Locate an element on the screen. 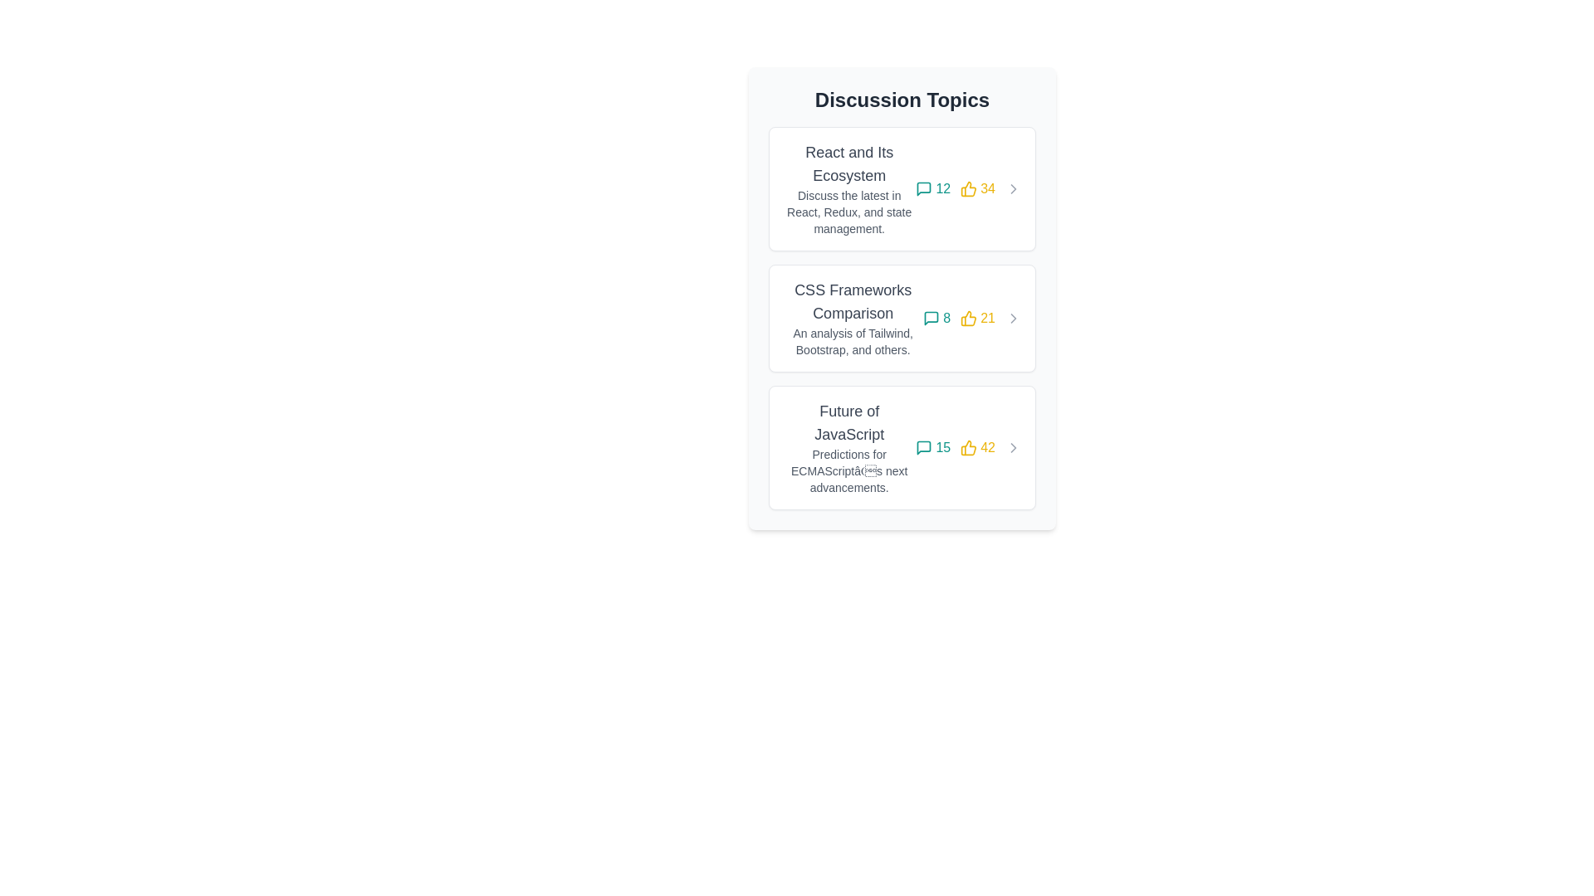 Image resolution: width=1594 pixels, height=896 pixels. the text display element titled 'Future of JavaScript' is located at coordinates (849, 448).